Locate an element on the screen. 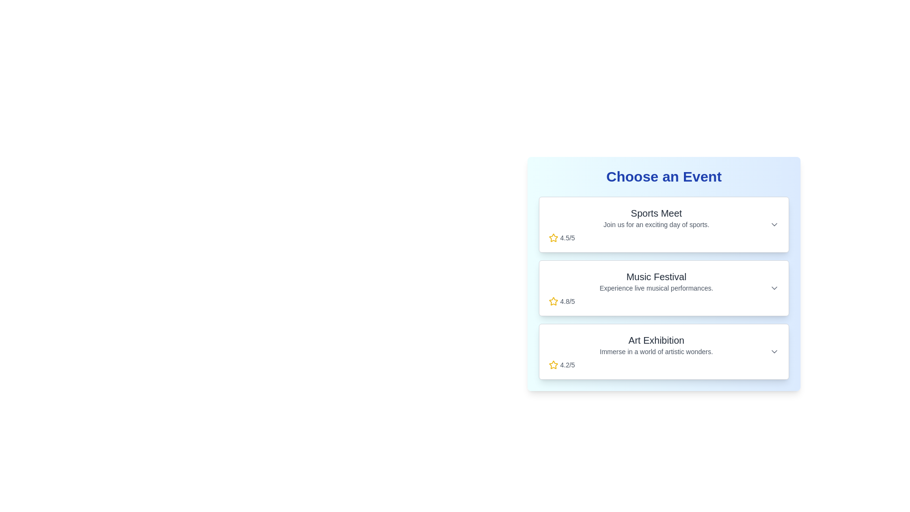  the star rating icon located at the beginning of the rating section for the 'Art Exhibition' card, which indicates a rating of '4.2/5' is located at coordinates (553, 365).